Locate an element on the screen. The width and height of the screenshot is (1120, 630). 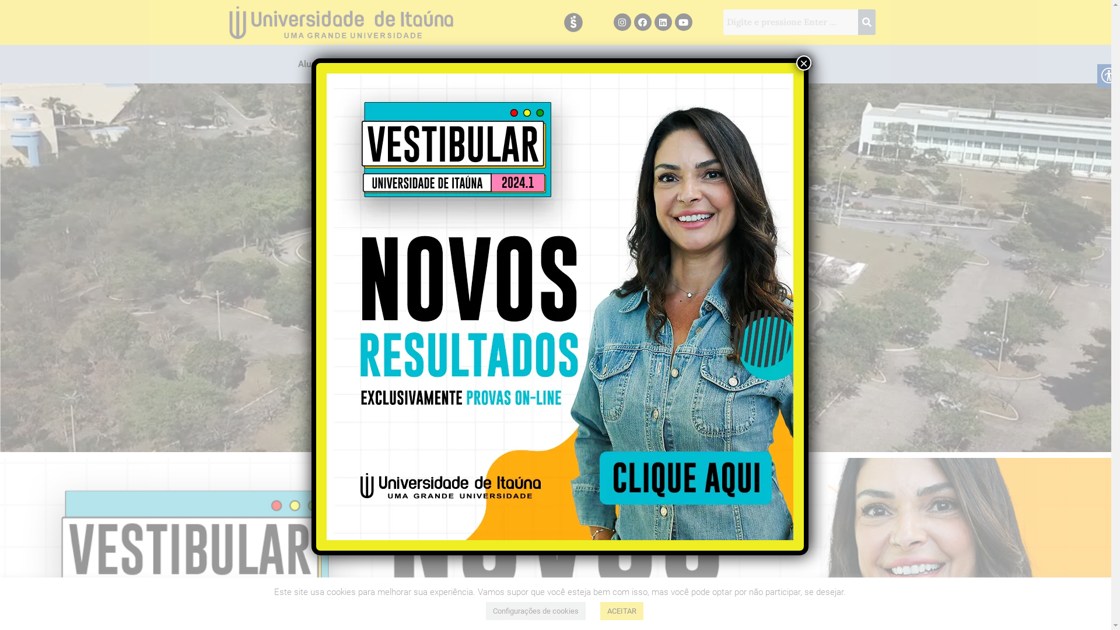
'Biblioteca' is located at coordinates (521, 64).